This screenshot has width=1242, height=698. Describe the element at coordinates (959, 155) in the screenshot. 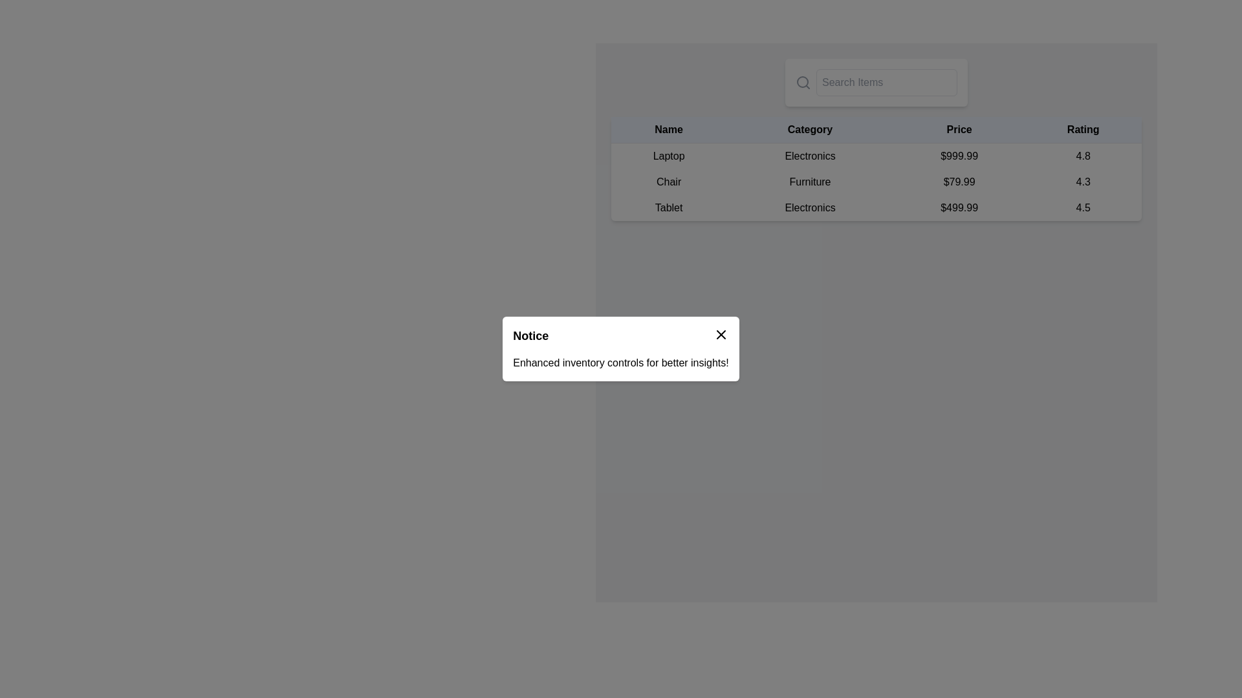

I see `the static text element displaying the price '$999.99', which is located in the third column of the first row of a table, between the 'Electronics' text and the '4.8' rating text` at that location.